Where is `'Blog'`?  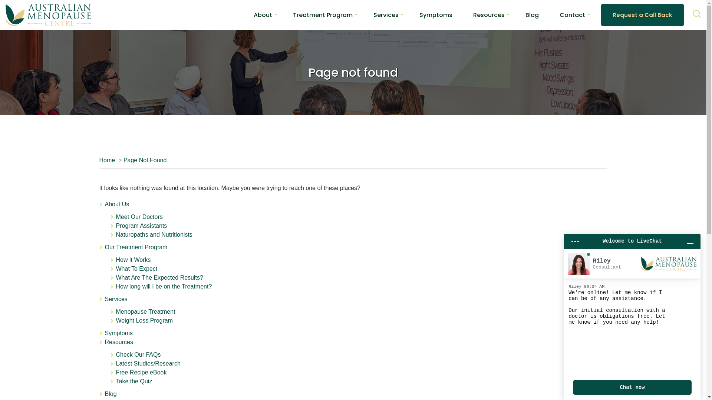 'Blog' is located at coordinates (522, 14).